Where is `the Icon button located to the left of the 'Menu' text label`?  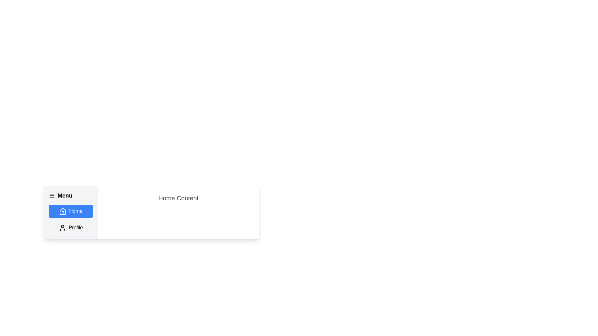
the Icon button located to the left of the 'Menu' text label is located at coordinates (52, 195).